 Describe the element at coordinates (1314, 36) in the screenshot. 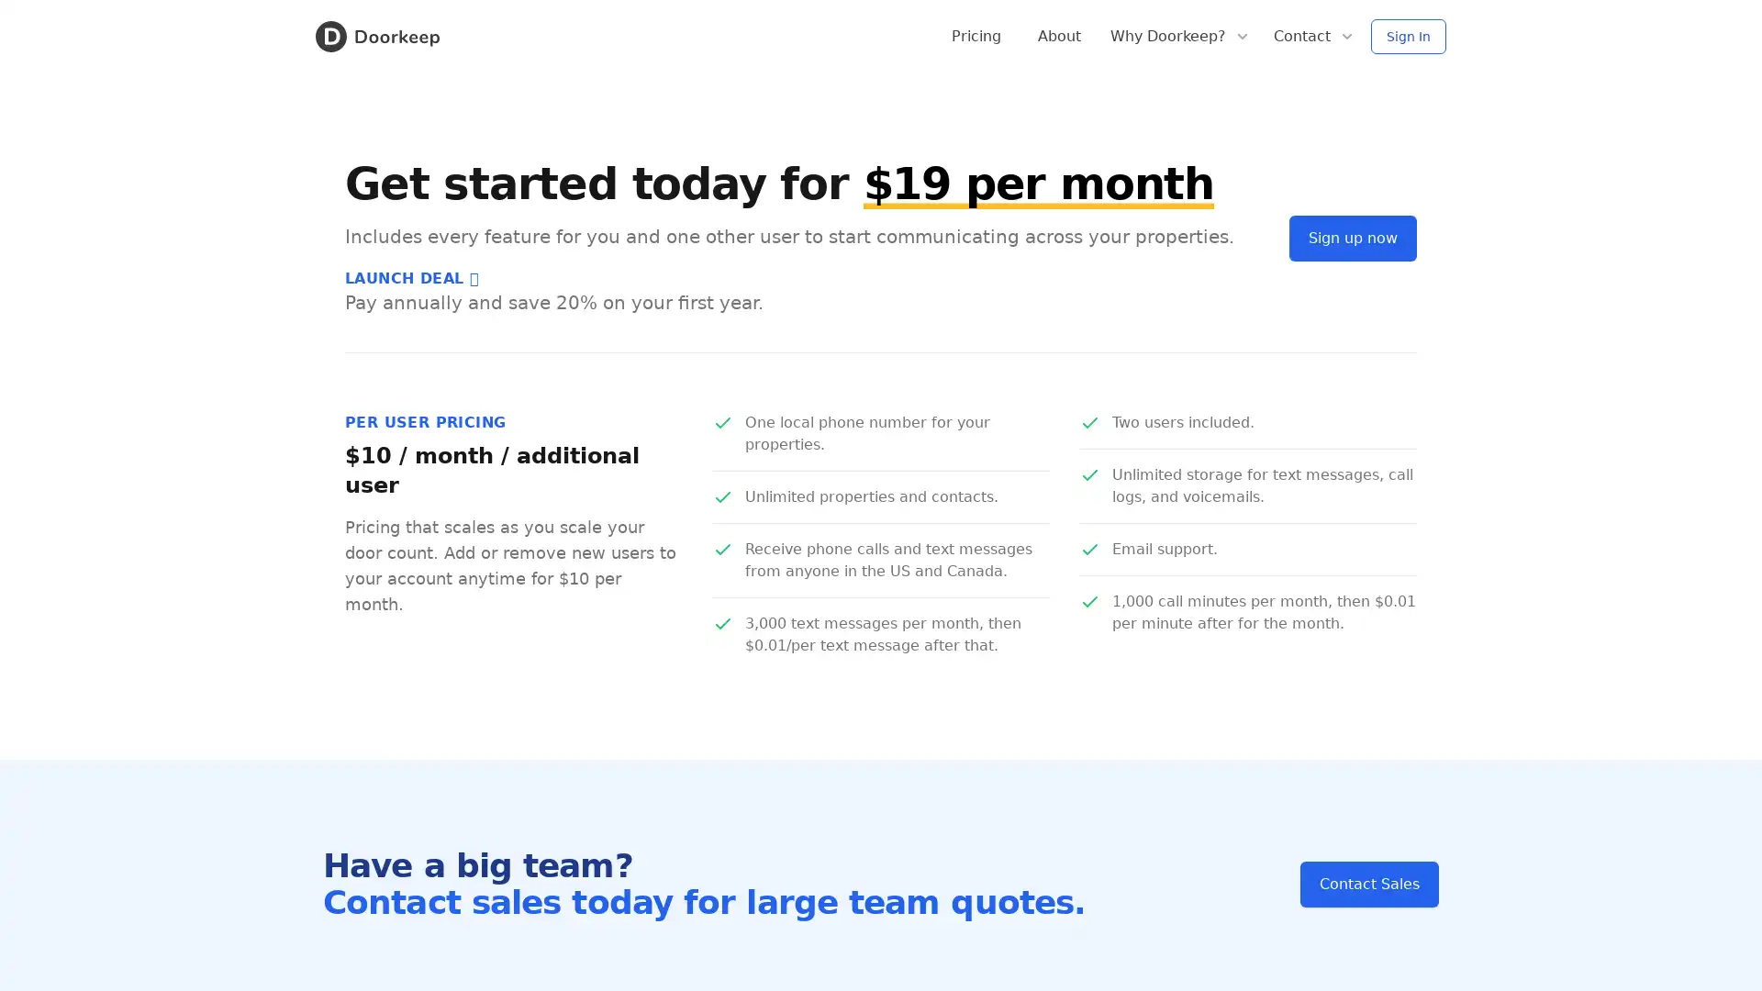

I see `Contact` at that location.